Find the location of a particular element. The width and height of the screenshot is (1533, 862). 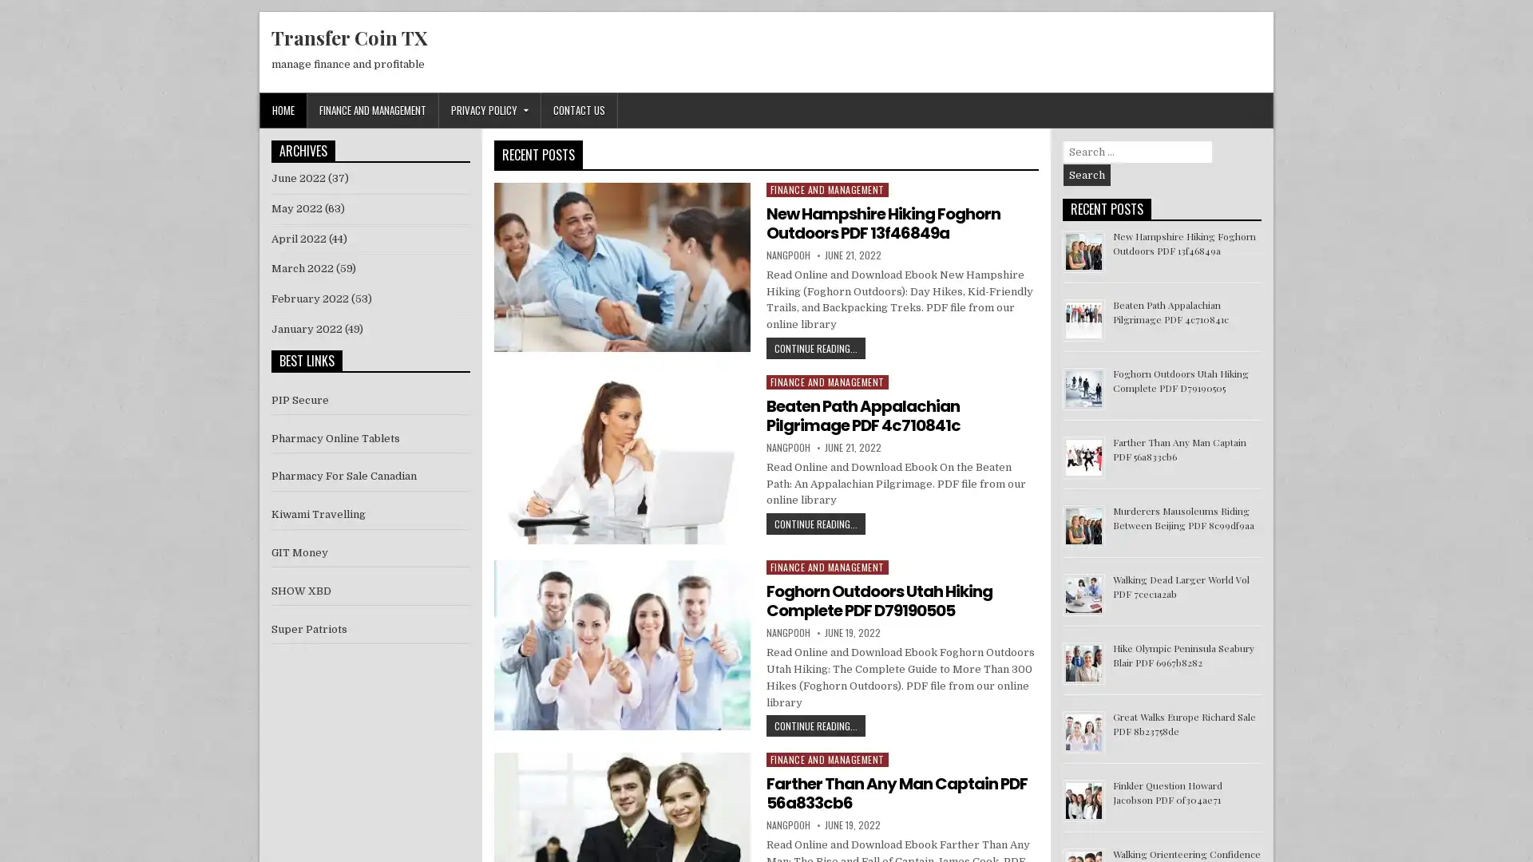

Search is located at coordinates (1086, 175).